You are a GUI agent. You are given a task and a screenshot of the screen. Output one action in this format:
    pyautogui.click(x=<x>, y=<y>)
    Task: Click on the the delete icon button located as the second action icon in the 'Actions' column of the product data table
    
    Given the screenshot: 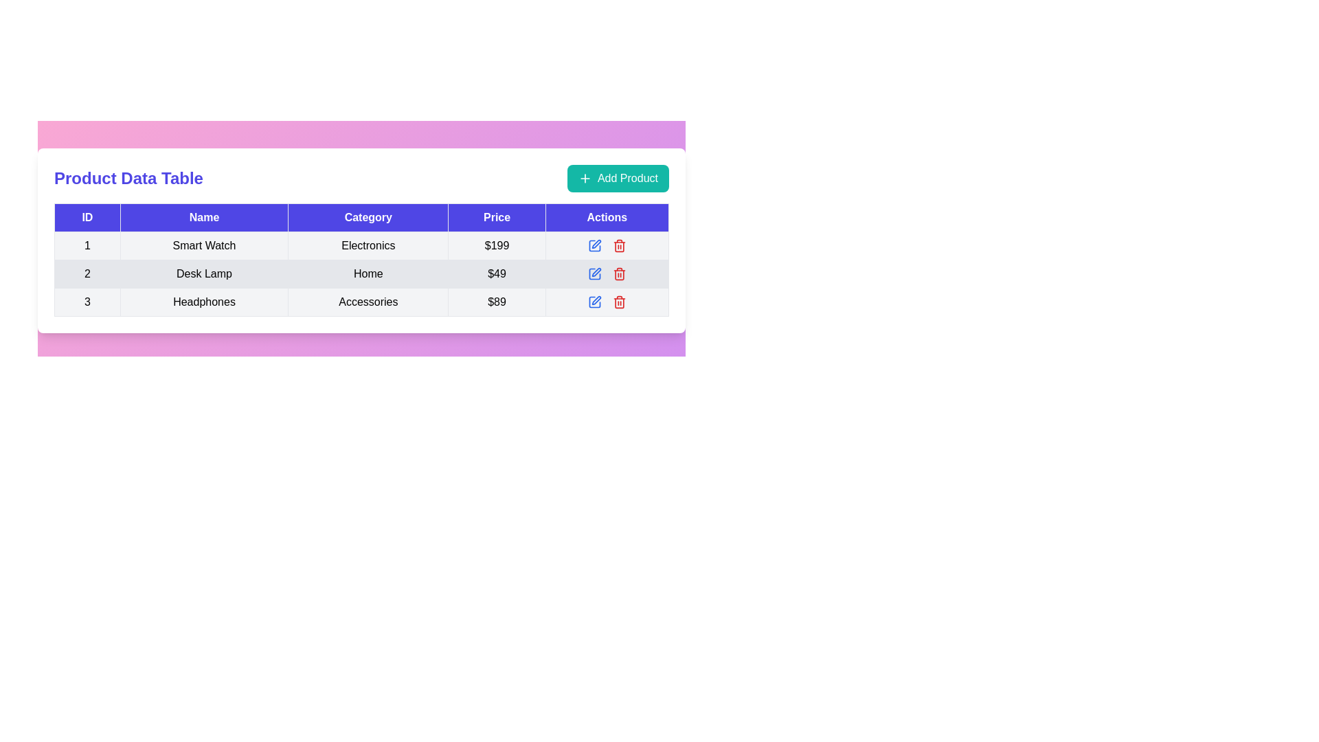 What is the action you would take?
    pyautogui.click(x=618, y=245)
    